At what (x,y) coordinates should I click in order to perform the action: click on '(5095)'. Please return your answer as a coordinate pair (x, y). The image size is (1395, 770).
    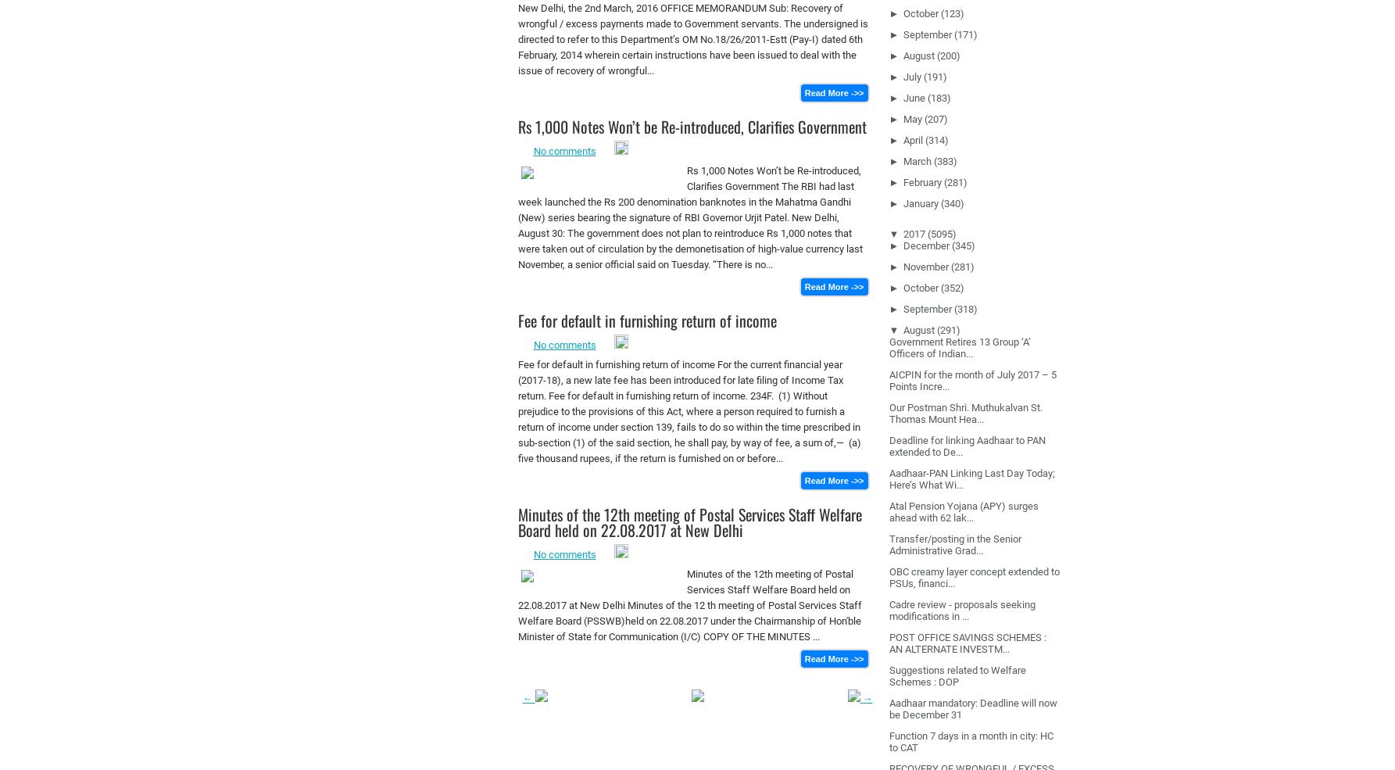
    Looking at the image, I should click on (927, 233).